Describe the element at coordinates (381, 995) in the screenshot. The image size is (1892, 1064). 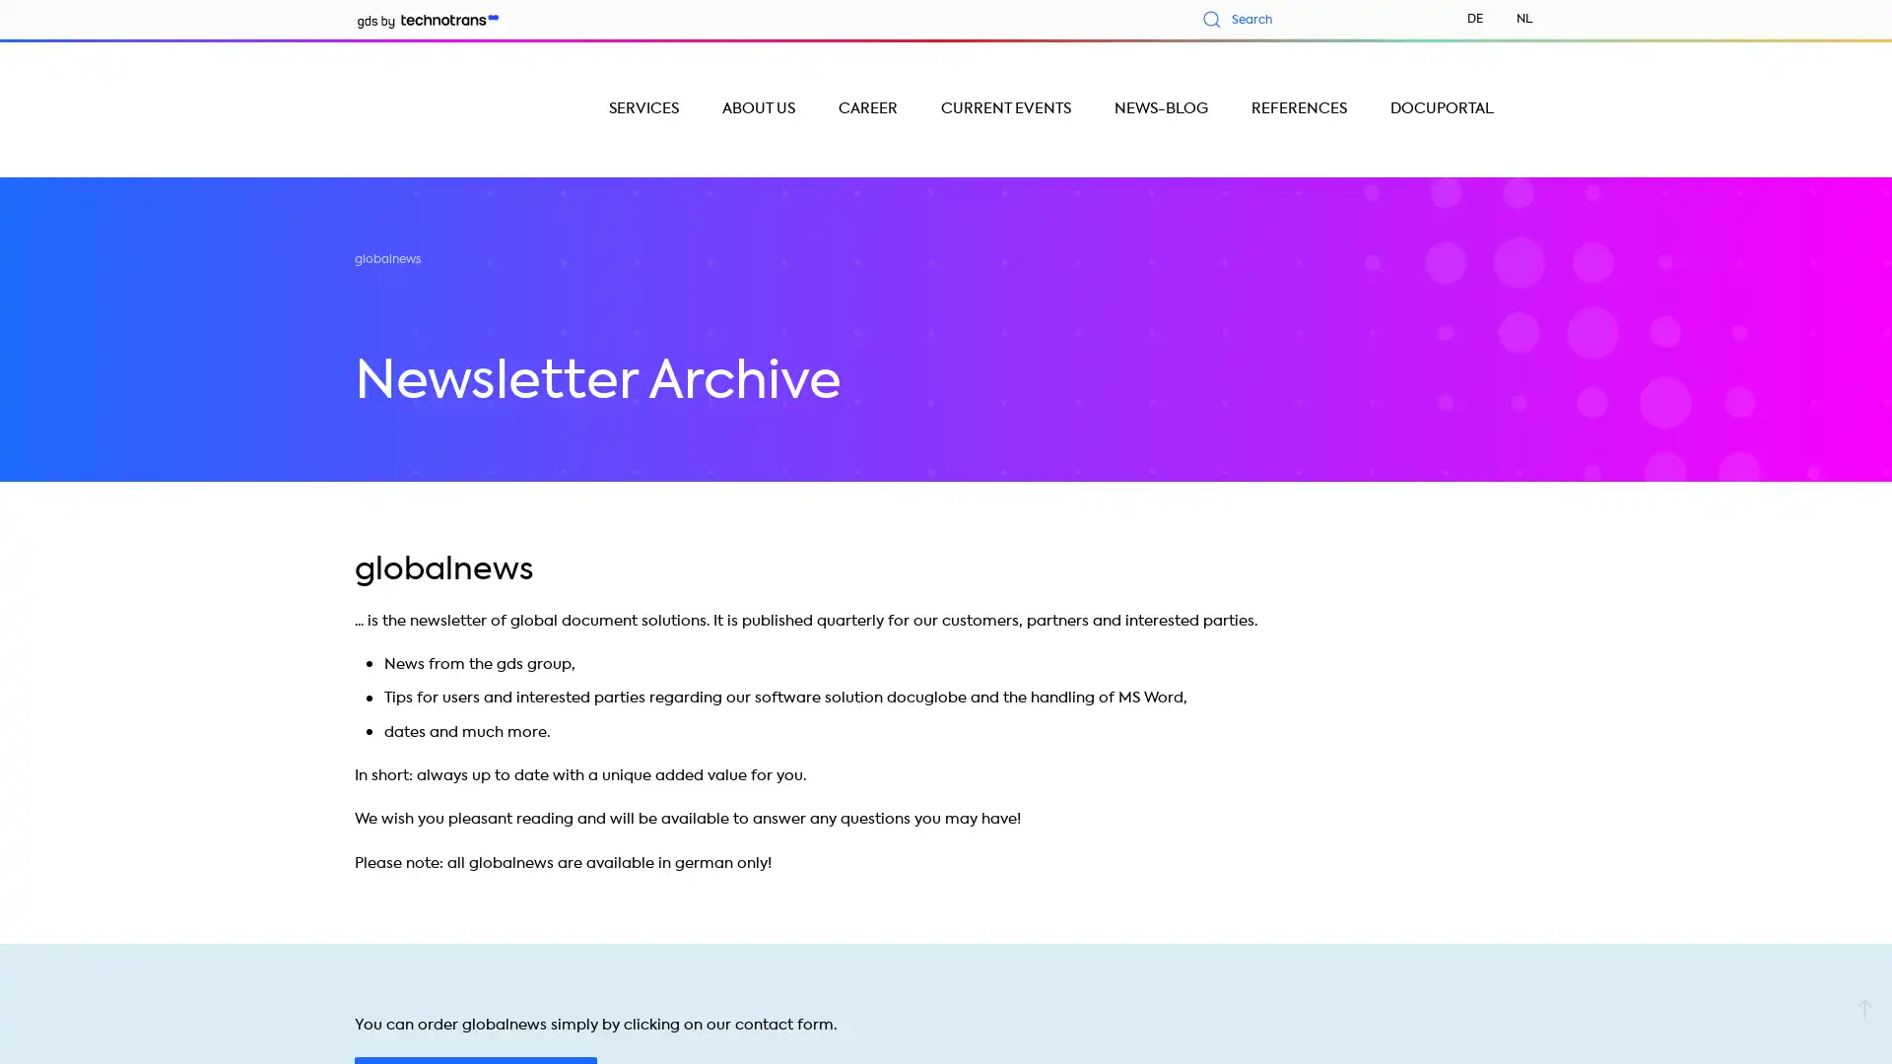
I see `Deny` at that location.